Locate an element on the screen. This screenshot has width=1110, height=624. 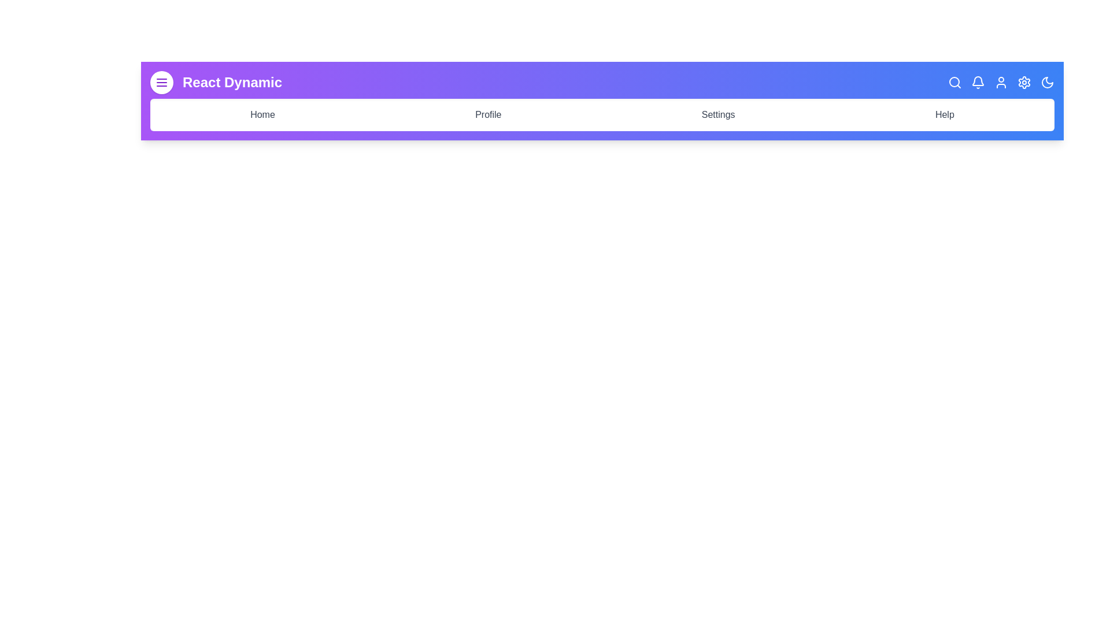
the text Home in the navigation bar is located at coordinates (262, 115).